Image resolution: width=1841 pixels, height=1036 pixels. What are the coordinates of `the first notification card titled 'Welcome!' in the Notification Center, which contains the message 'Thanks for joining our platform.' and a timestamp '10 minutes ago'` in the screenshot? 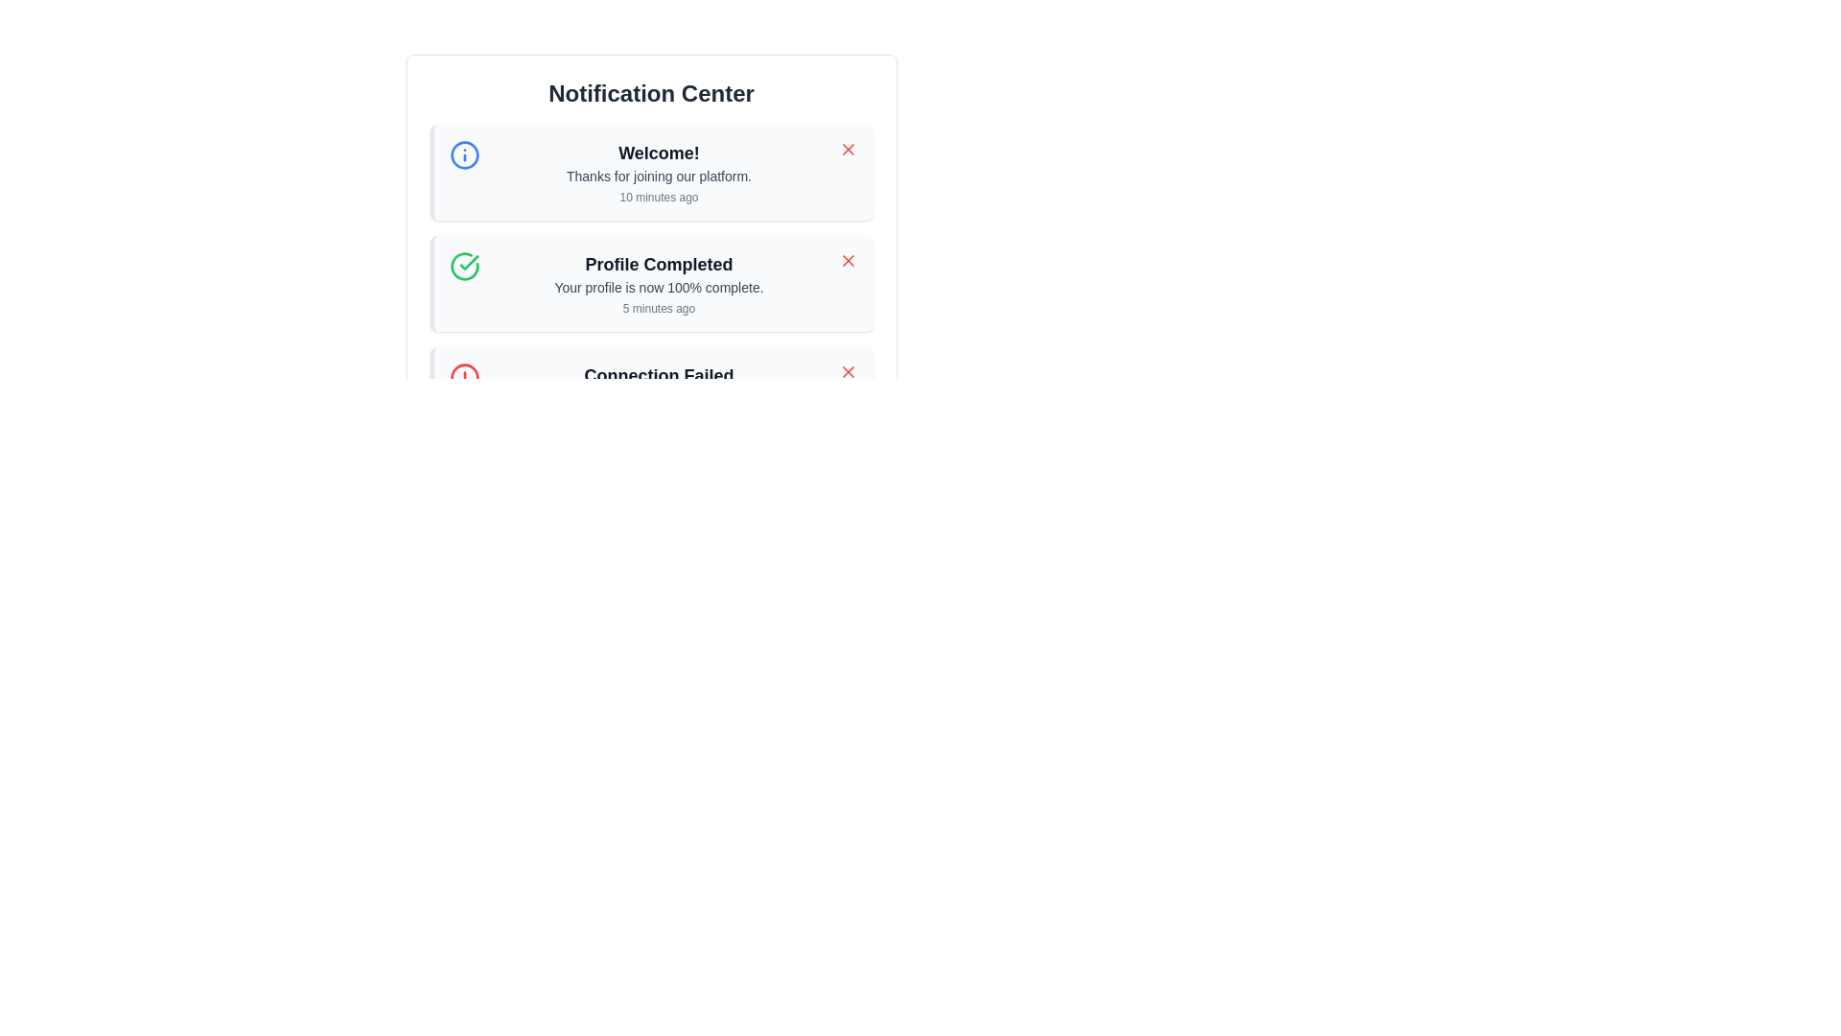 It's located at (651, 189).